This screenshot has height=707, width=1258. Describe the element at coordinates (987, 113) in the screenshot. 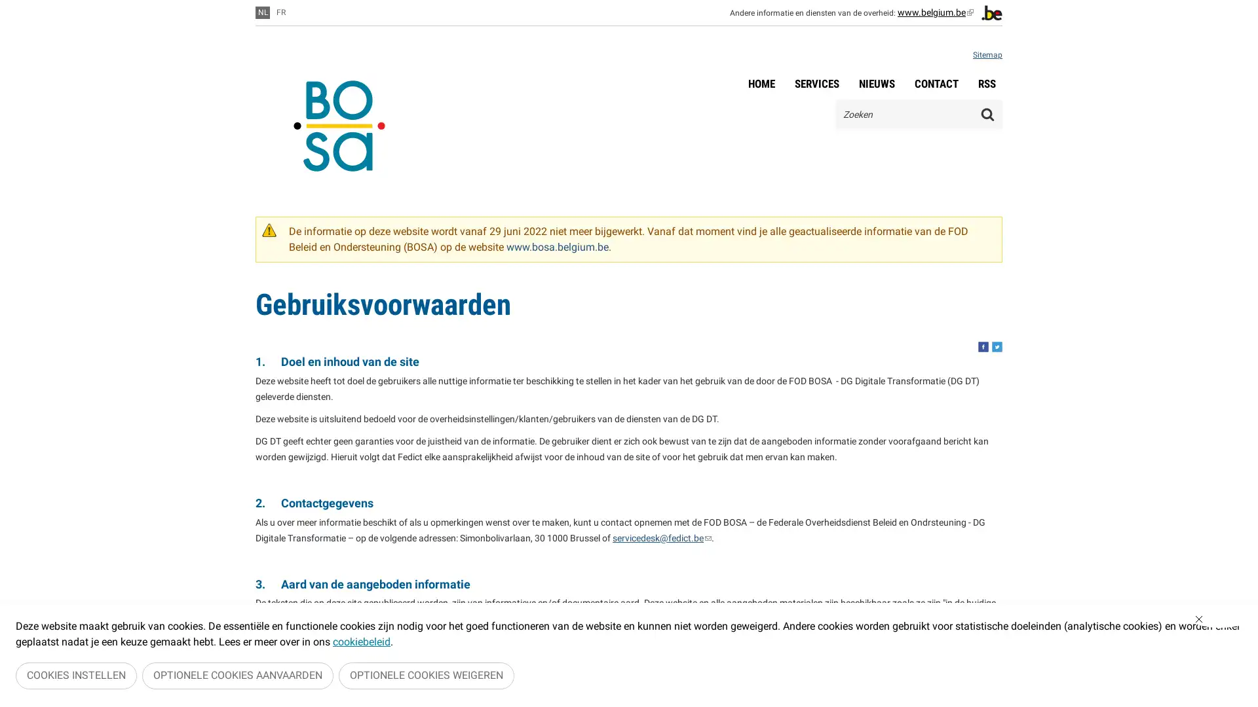

I see `Zoeken` at that location.